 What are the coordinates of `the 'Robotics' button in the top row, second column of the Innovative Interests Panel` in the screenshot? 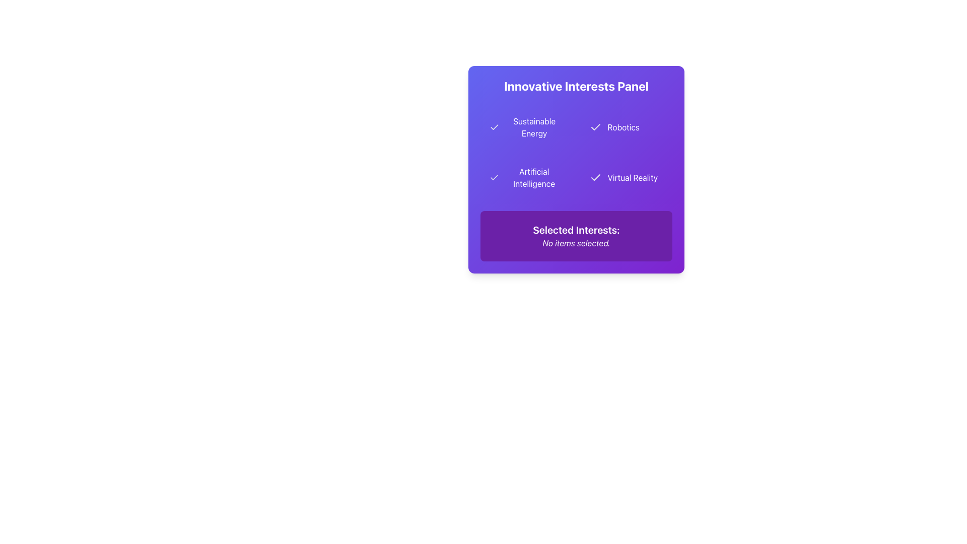 It's located at (626, 127).